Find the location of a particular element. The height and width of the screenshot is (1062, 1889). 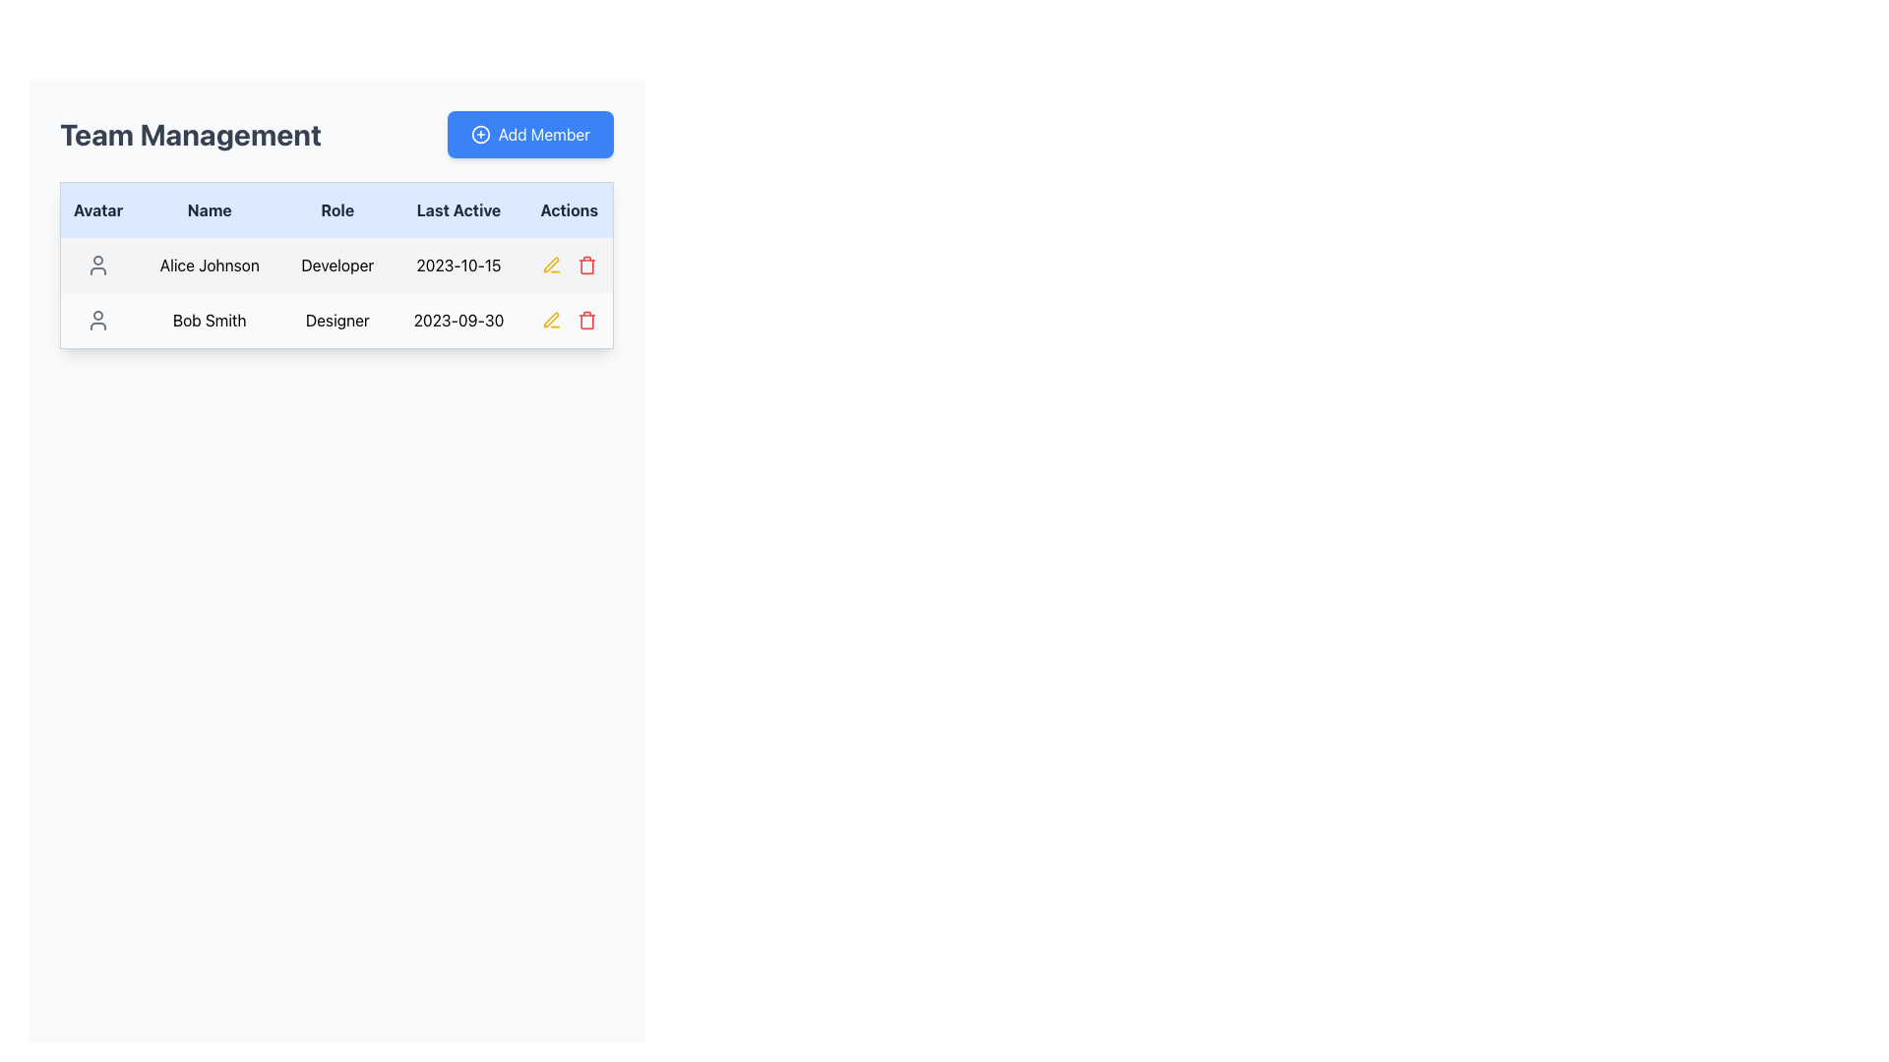

the avatar icon representing user Bob Smith located in the 'Avatar' column of the second row in the 'Team Management' table is located at coordinates (97, 320).